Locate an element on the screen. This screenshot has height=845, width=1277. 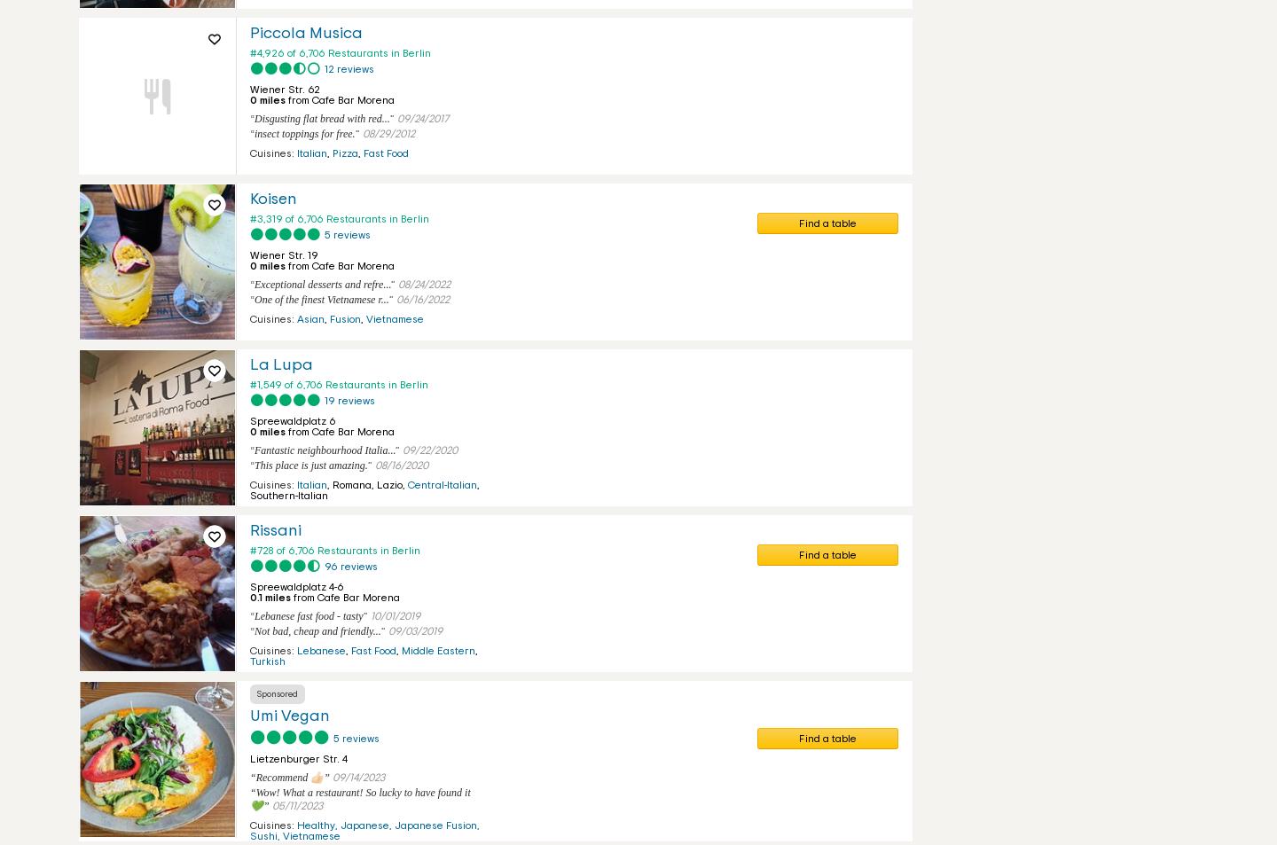
'Sponsored' is located at coordinates (278, 693).